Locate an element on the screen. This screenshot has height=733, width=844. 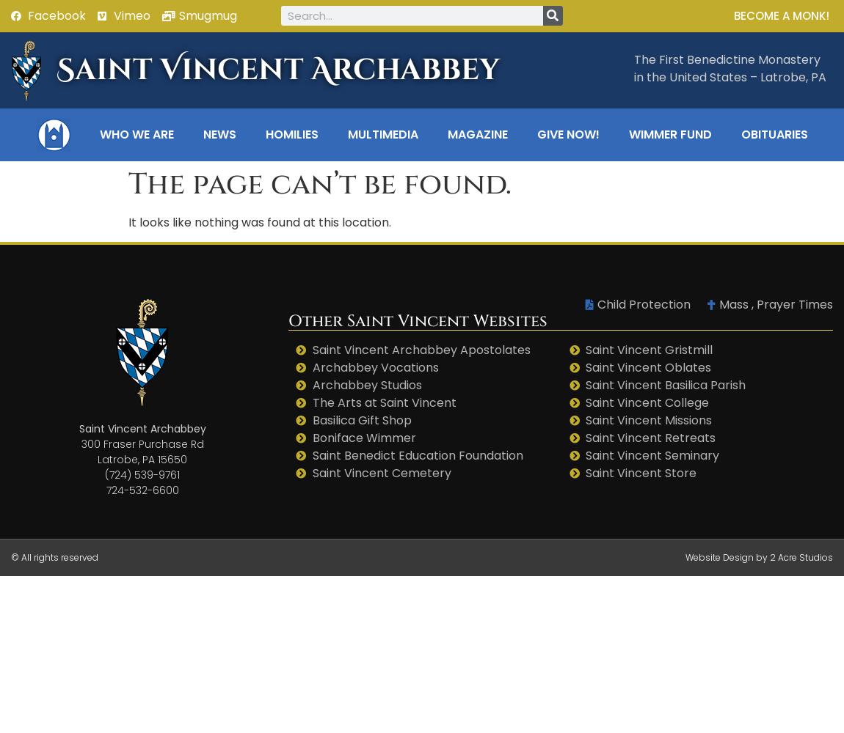
'Saint Benedict Education Foundation' is located at coordinates (417, 454).